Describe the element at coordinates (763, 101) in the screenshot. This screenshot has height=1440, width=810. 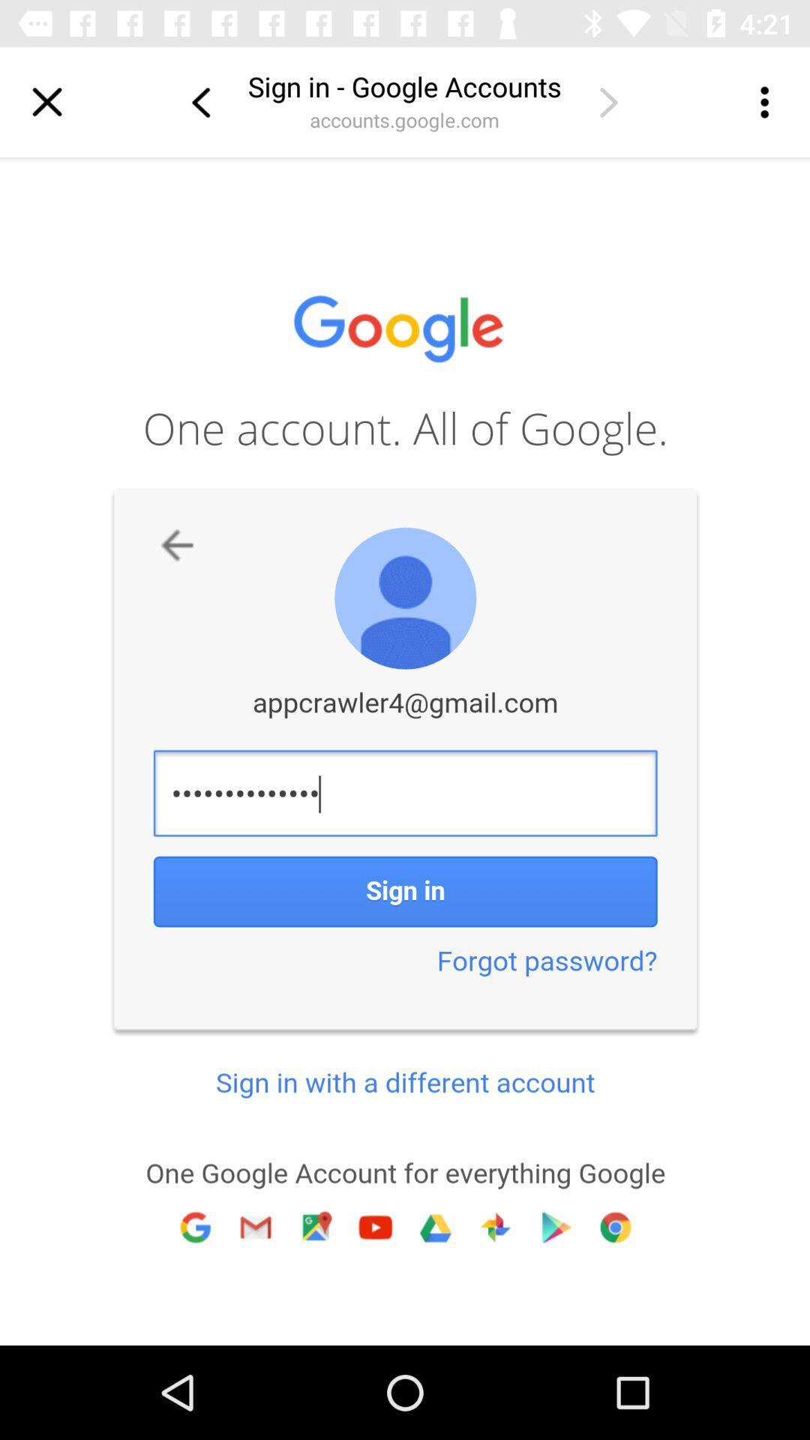
I see `click options` at that location.